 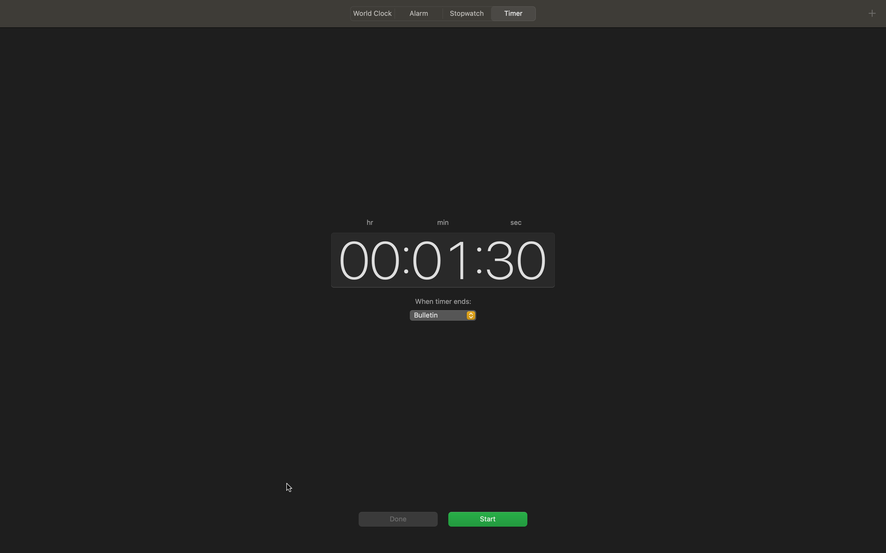 What do you see at coordinates (442, 315) in the screenshot?
I see `audio setting to chimes sound` at bounding box center [442, 315].